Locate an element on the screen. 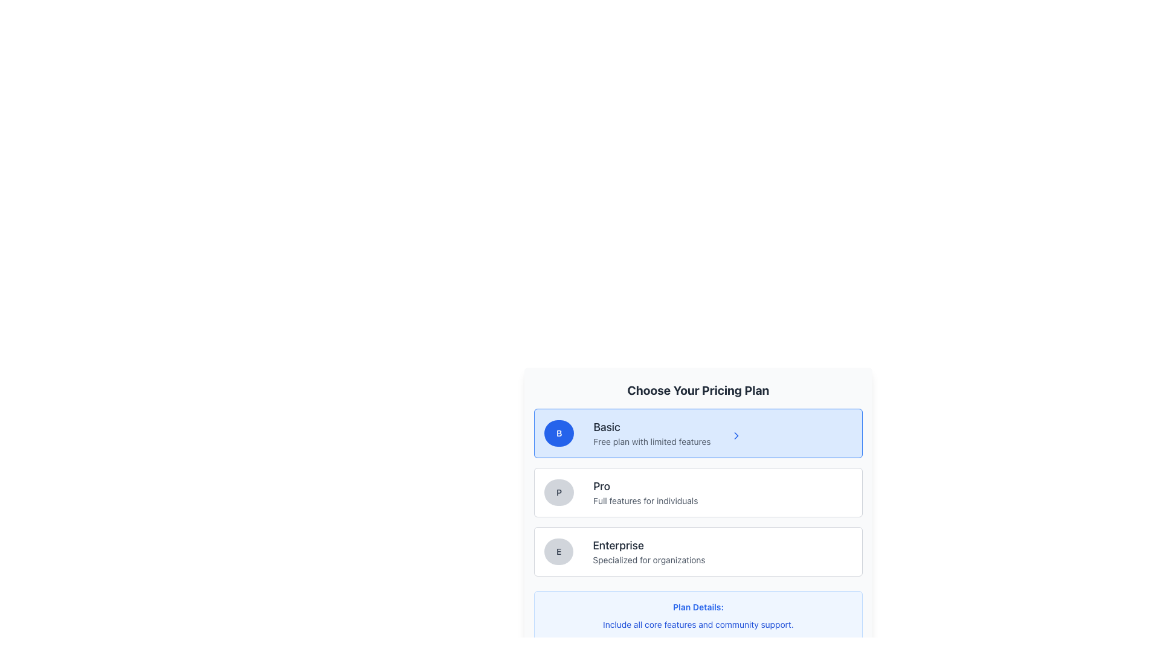 This screenshot has width=1160, height=652. text content of the element containing 'Specialized for organizations' located below the title 'Enterprise' in the pricing plan section is located at coordinates (648, 560).